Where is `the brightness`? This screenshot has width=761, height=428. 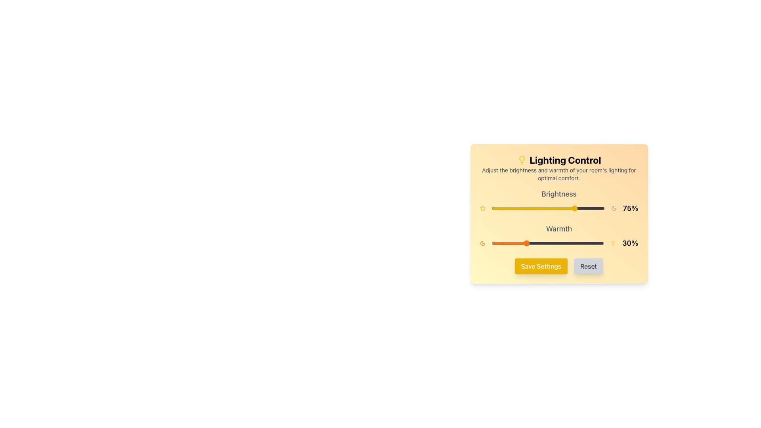 the brightness is located at coordinates (509, 208).